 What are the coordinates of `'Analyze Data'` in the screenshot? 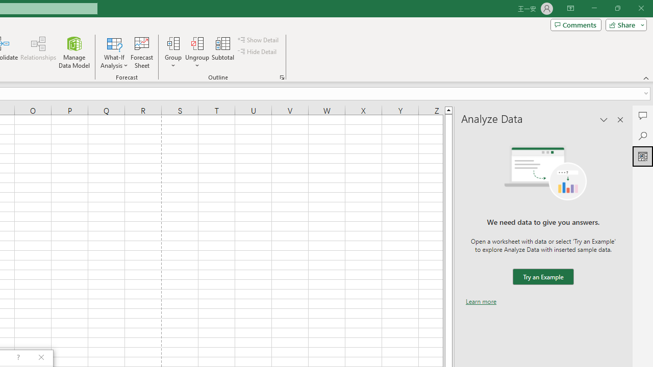 It's located at (642, 156).